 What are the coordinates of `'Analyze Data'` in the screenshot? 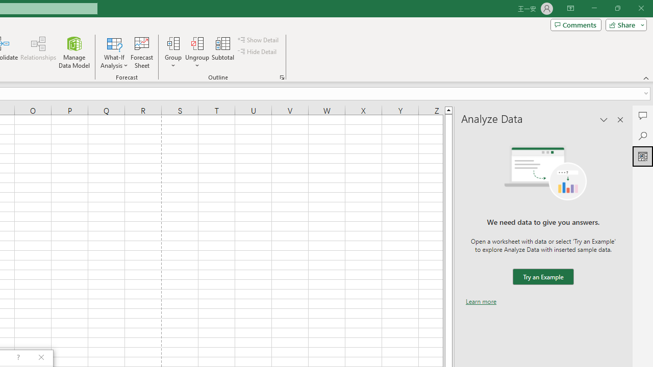 It's located at (642, 156).